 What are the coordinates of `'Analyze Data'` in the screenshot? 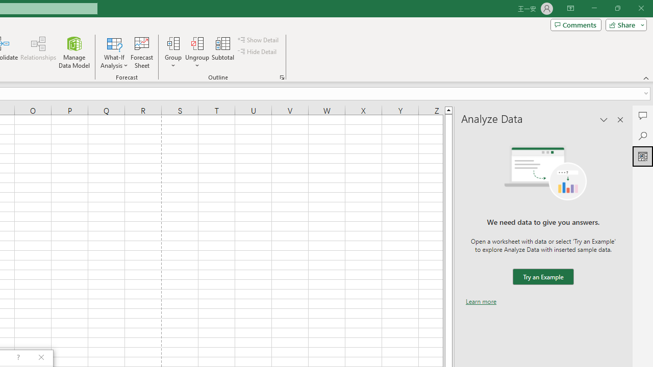 It's located at (642, 156).